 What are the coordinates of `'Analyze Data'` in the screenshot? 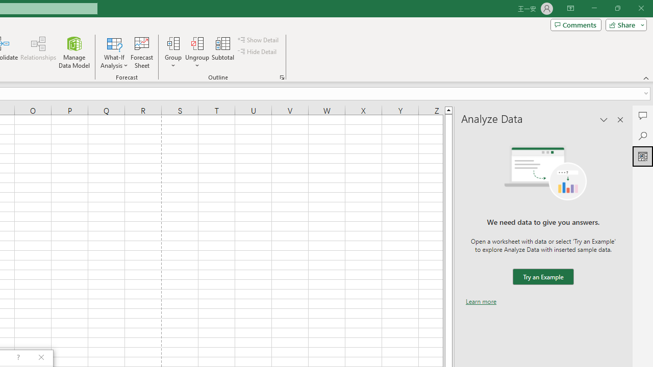 It's located at (642, 156).